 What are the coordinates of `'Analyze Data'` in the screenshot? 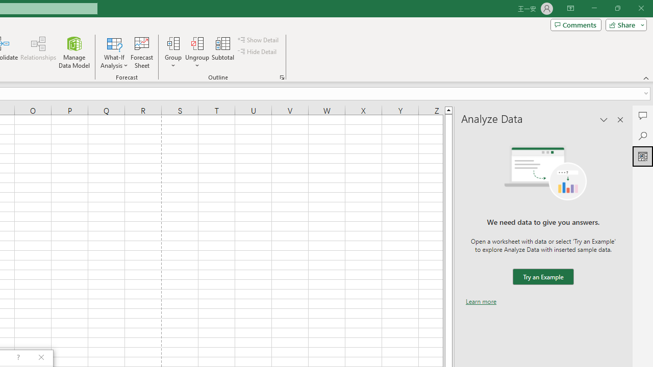 It's located at (642, 156).